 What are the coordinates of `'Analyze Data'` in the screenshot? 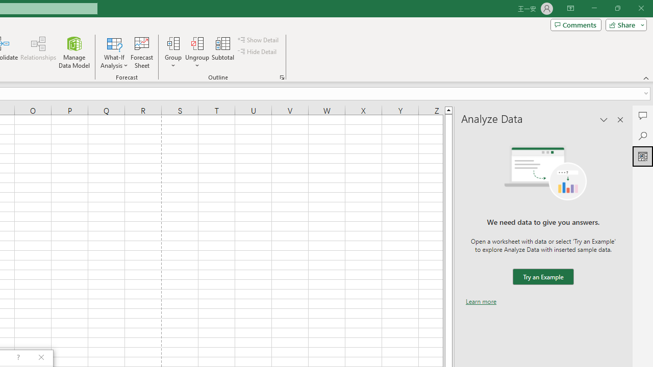 It's located at (642, 156).